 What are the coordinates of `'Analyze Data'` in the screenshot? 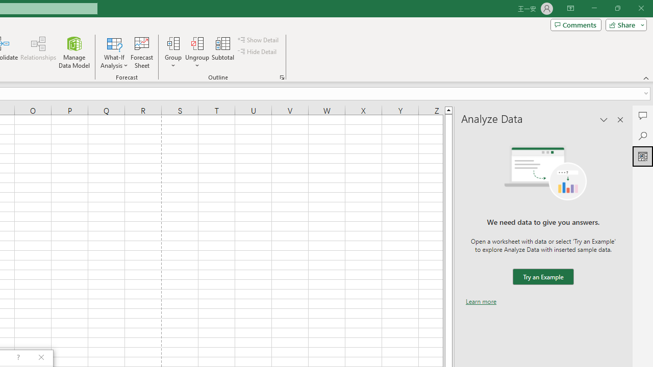 It's located at (642, 156).